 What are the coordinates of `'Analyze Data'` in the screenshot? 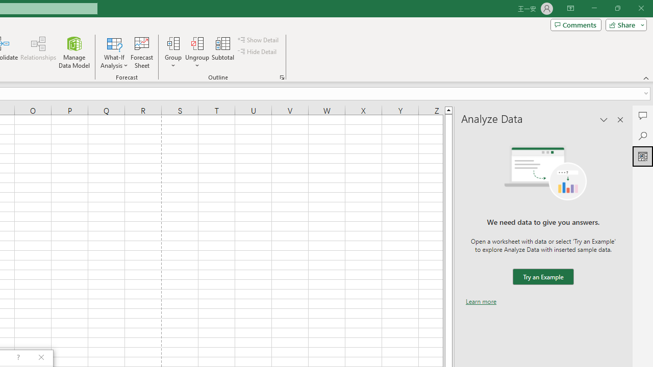 It's located at (642, 156).